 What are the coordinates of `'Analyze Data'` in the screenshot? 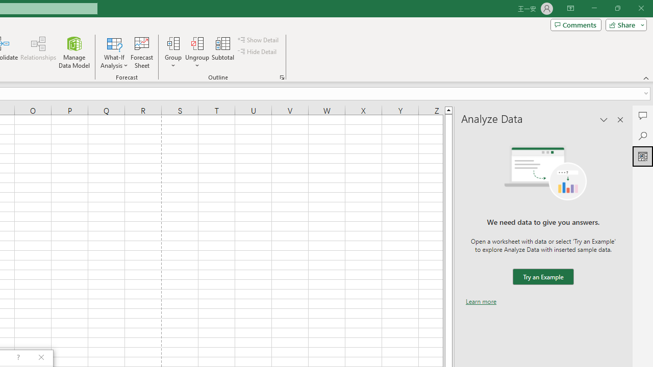 It's located at (642, 156).